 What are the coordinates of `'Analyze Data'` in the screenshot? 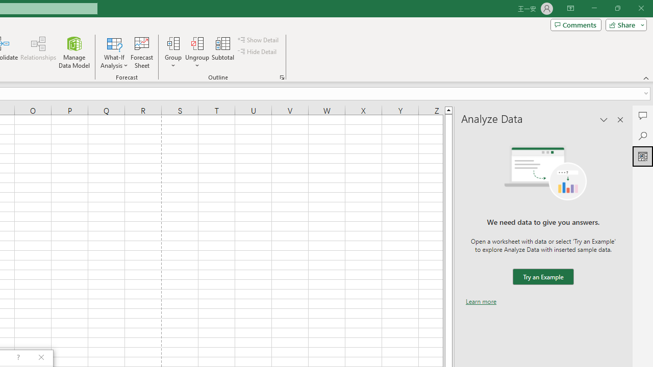 It's located at (642, 156).